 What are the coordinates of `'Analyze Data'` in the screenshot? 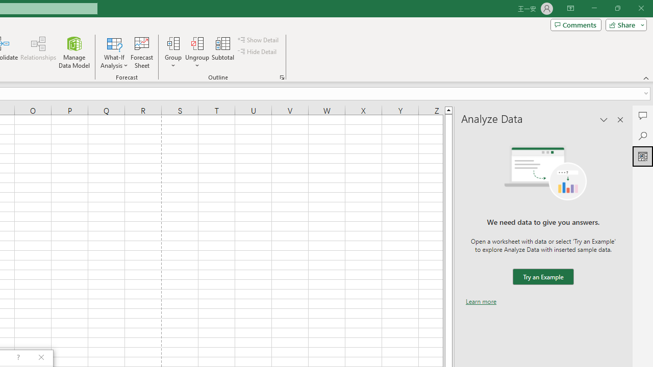 It's located at (642, 156).